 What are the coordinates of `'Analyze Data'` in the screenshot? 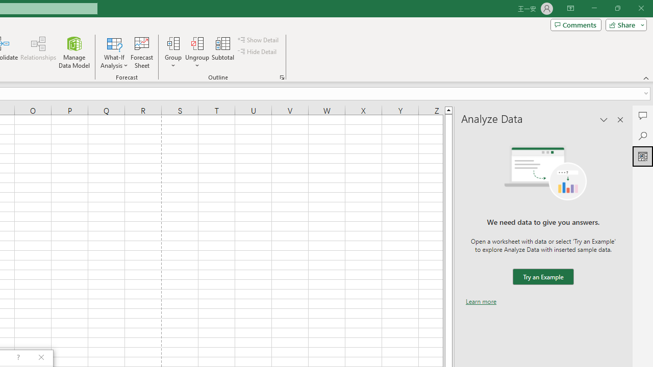 It's located at (642, 156).